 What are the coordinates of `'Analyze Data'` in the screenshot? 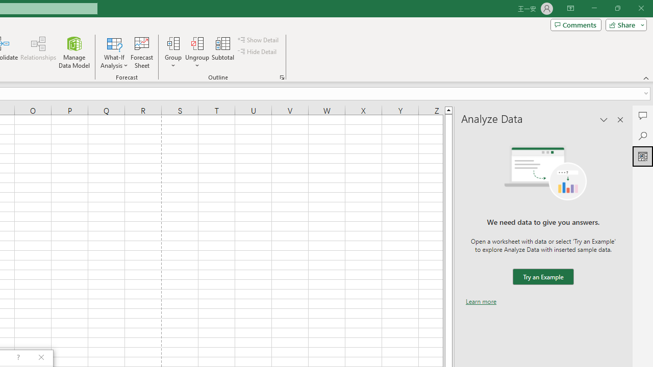 It's located at (642, 156).